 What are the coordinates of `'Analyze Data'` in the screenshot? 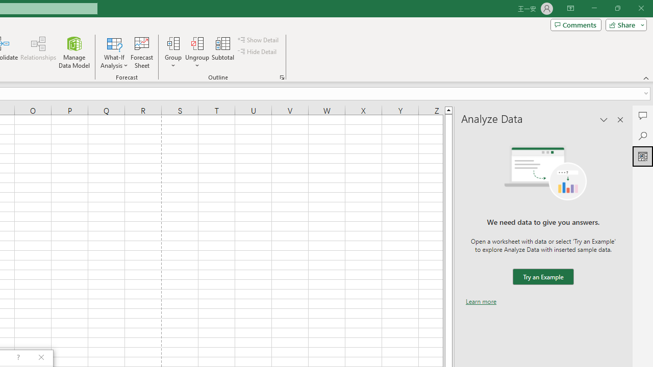 It's located at (642, 156).